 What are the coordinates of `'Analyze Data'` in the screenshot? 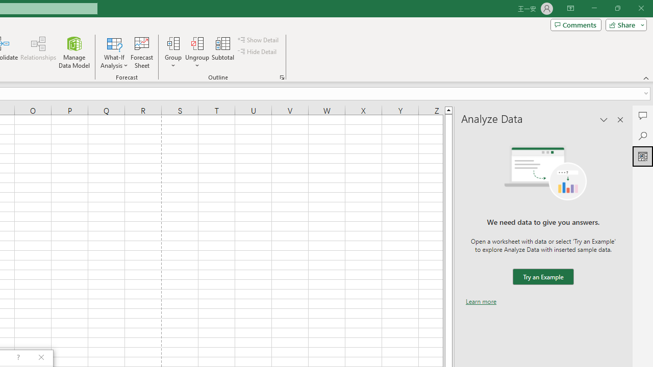 It's located at (642, 156).